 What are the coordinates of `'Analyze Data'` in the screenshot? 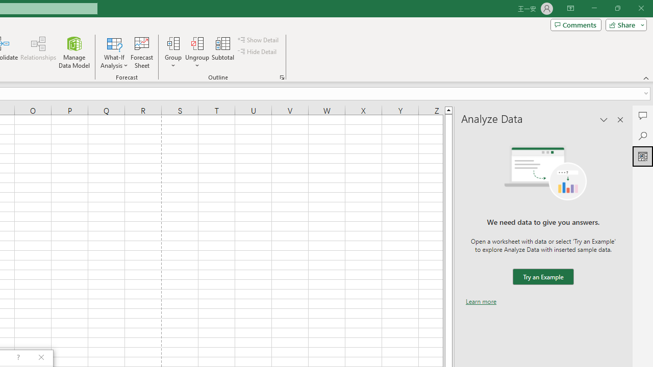 It's located at (642, 156).